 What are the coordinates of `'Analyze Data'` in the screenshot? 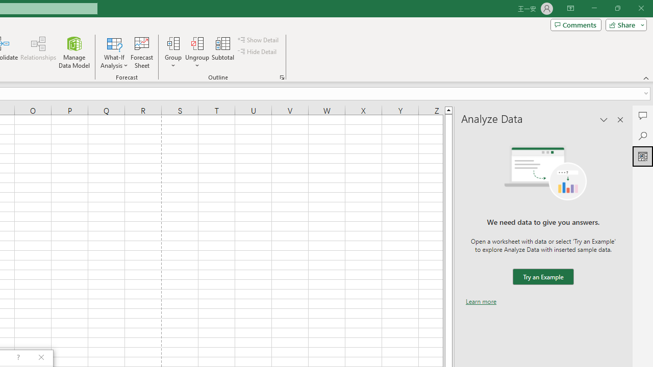 It's located at (642, 156).